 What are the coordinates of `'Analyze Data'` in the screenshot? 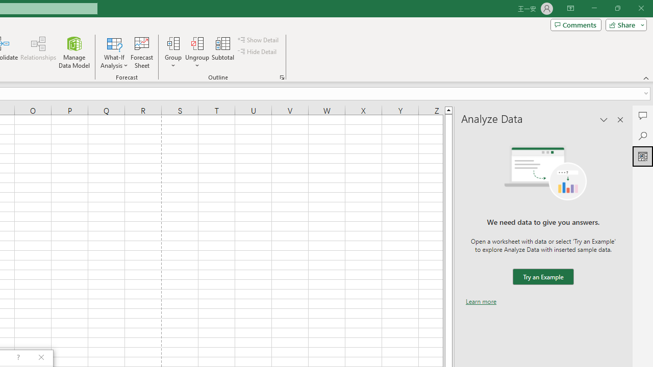 It's located at (642, 156).